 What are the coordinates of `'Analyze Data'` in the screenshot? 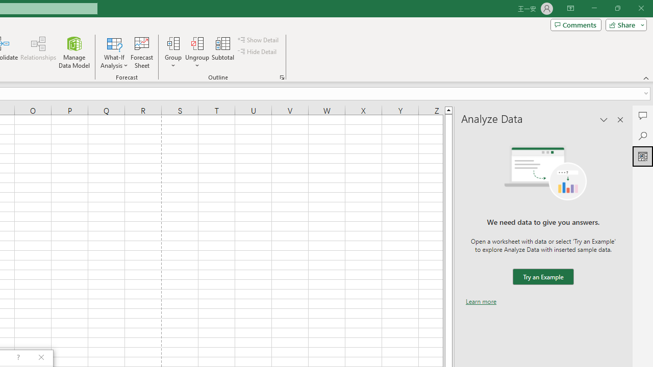 It's located at (642, 156).